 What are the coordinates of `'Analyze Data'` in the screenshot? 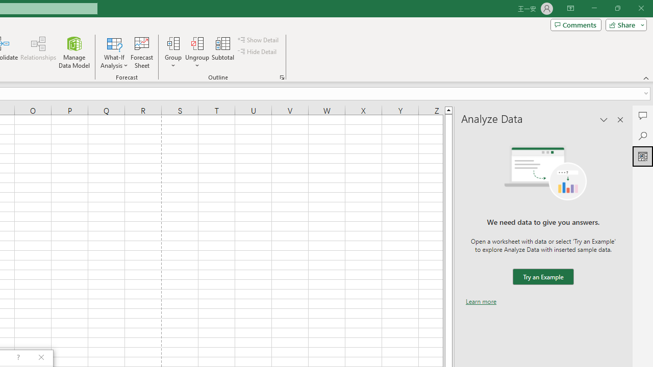 It's located at (642, 156).